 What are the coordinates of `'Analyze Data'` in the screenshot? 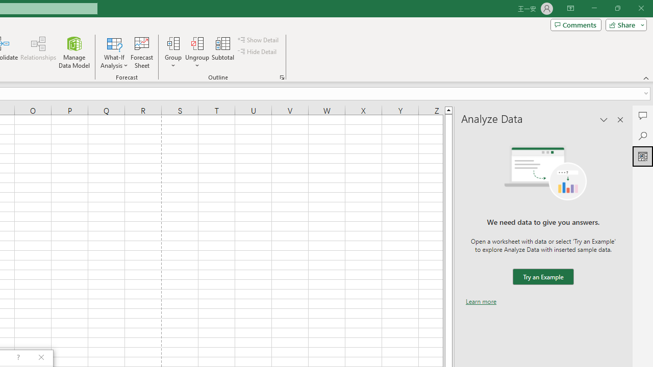 It's located at (642, 156).